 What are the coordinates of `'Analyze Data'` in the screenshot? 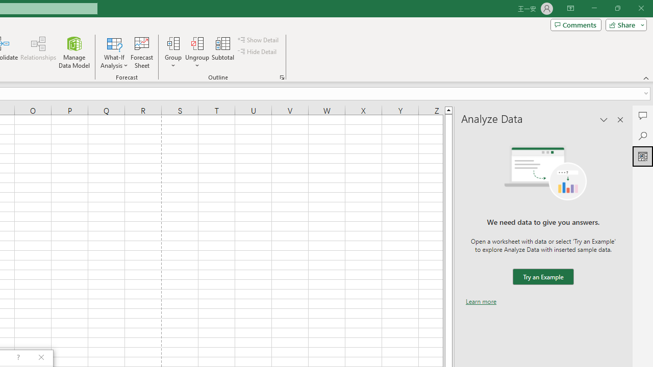 It's located at (642, 156).